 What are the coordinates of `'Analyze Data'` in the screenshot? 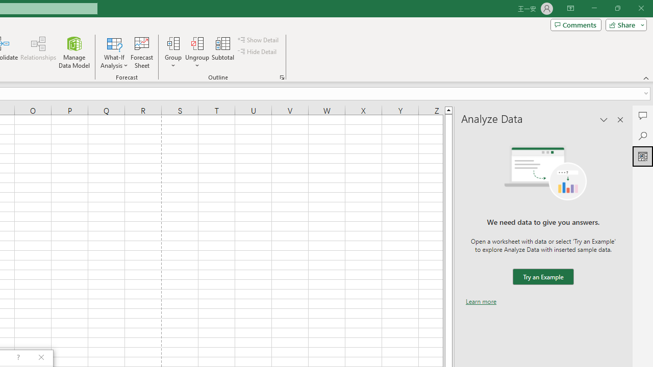 It's located at (642, 156).